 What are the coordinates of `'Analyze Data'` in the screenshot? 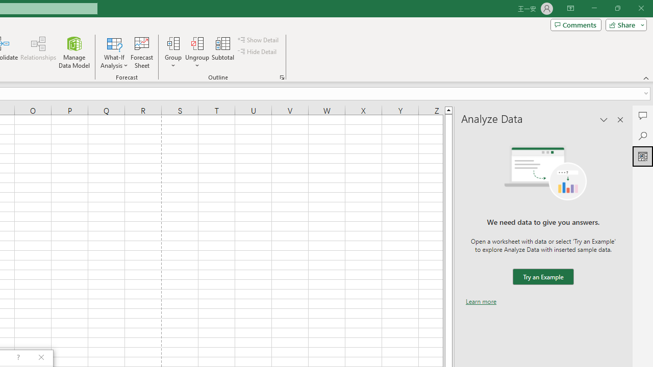 It's located at (642, 156).